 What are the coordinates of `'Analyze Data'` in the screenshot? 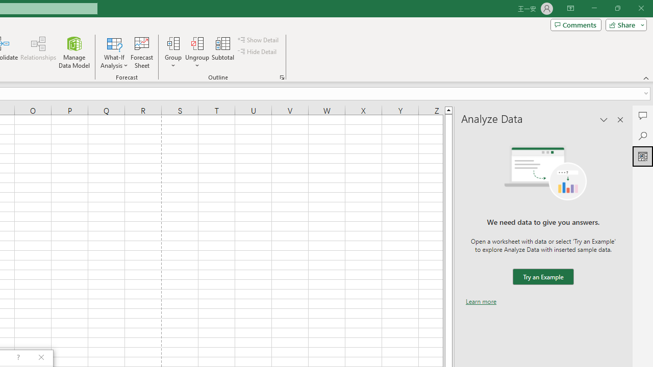 It's located at (642, 156).